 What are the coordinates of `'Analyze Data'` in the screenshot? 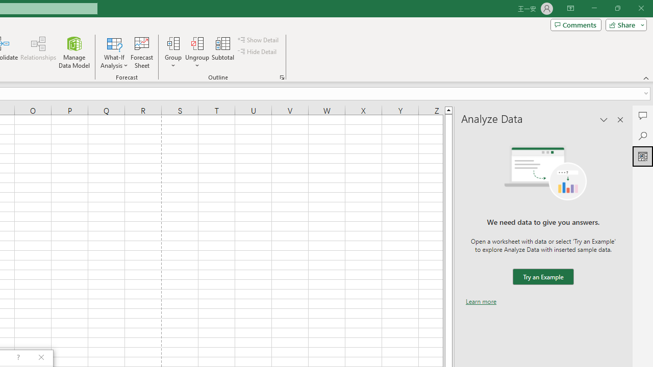 It's located at (642, 156).